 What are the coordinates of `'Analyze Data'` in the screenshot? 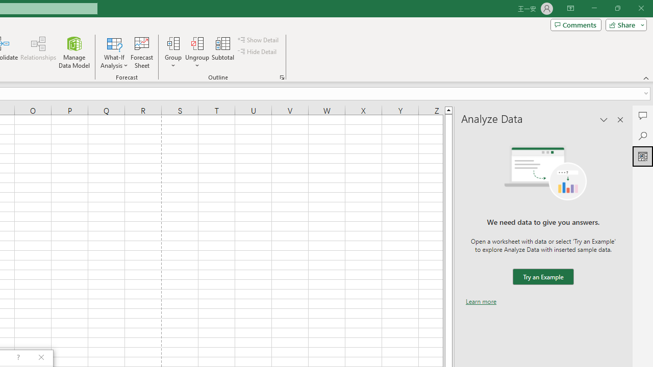 It's located at (642, 156).